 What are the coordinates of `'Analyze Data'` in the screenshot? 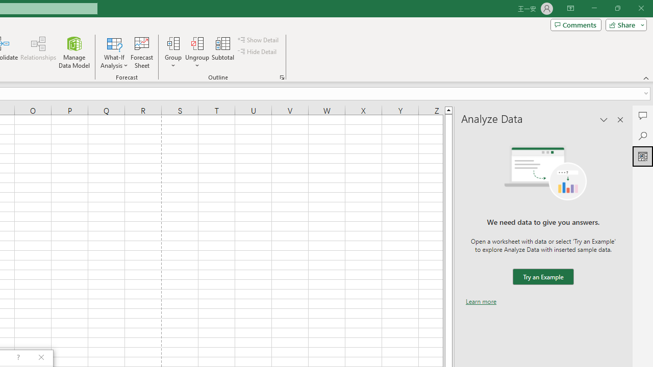 It's located at (642, 156).